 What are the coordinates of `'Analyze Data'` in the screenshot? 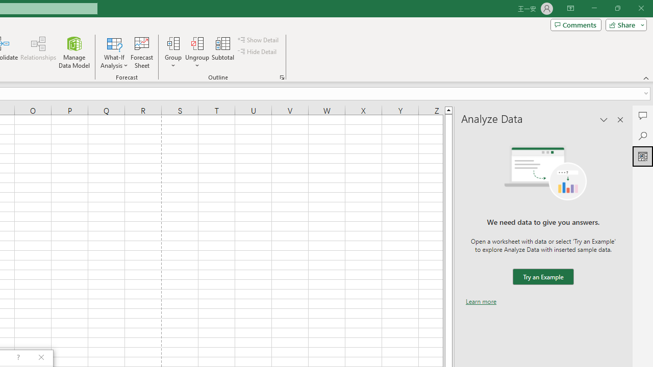 It's located at (642, 156).